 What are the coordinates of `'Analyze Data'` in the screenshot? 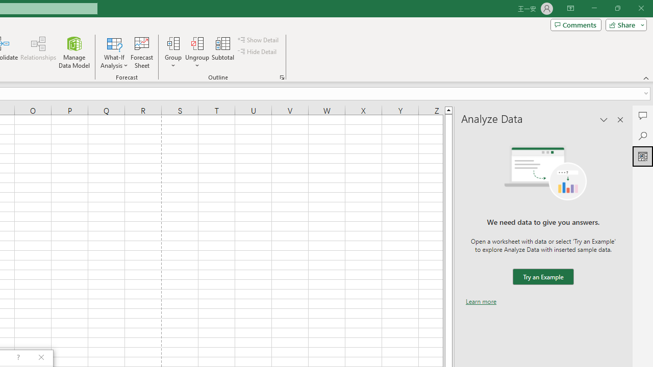 It's located at (642, 156).